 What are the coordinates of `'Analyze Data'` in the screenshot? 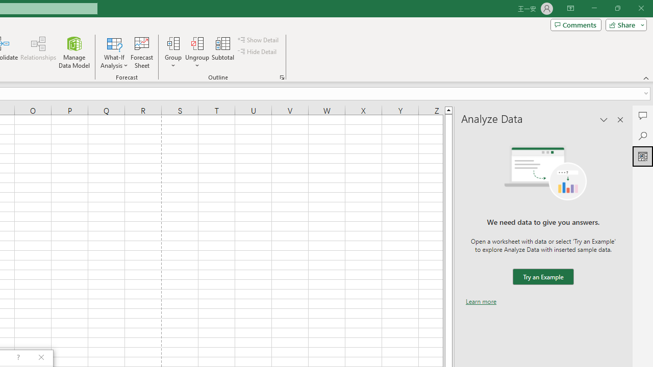 It's located at (642, 156).